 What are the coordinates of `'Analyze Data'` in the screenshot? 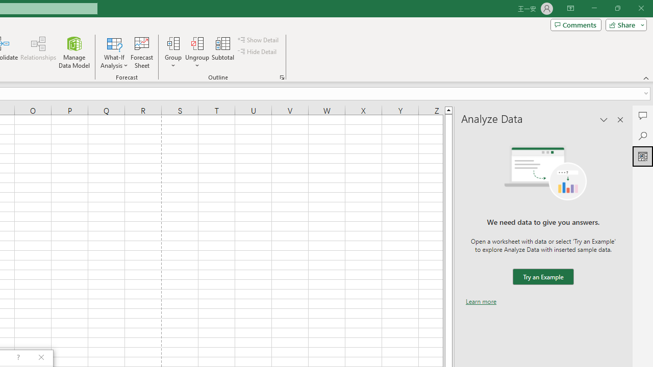 It's located at (642, 156).